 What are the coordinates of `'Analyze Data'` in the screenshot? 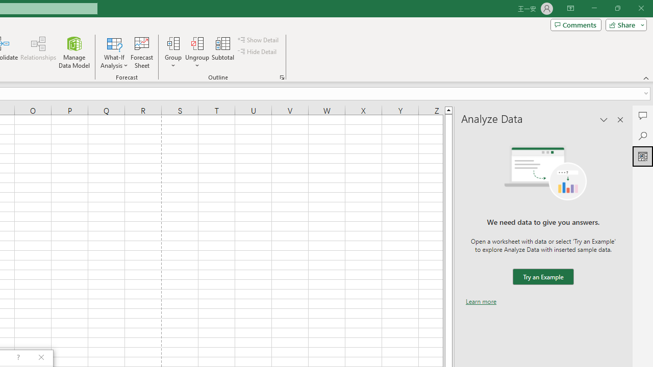 It's located at (642, 156).